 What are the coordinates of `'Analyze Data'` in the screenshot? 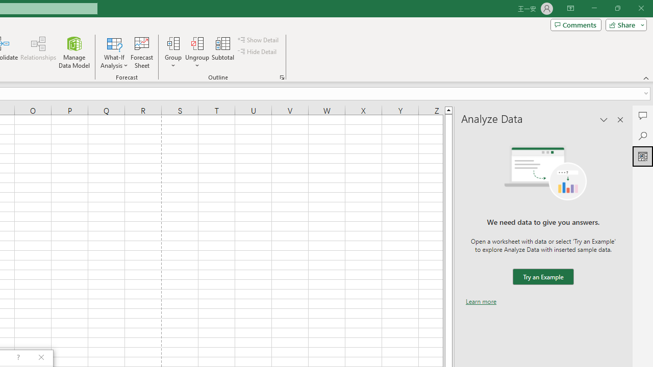 It's located at (642, 156).